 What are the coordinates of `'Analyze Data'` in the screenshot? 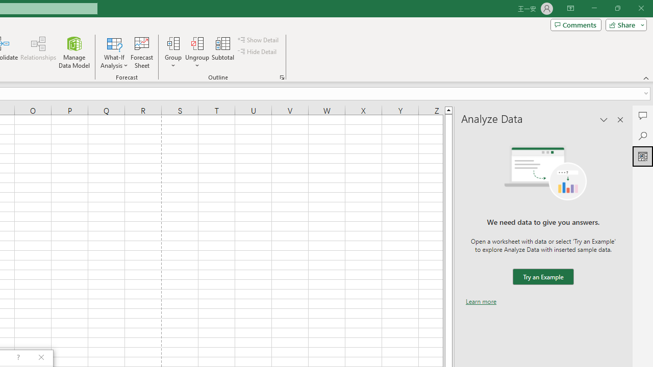 It's located at (642, 156).